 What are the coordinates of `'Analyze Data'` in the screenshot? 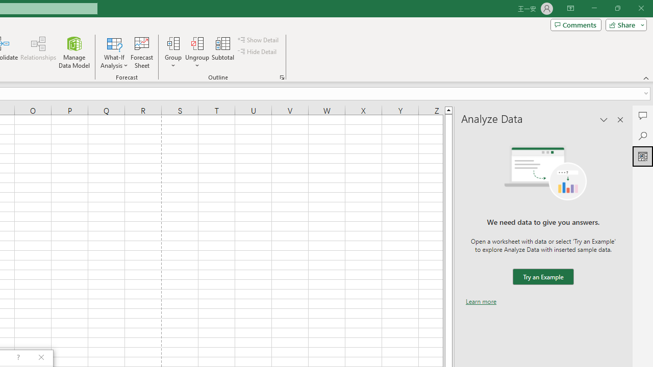 It's located at (642, 156).